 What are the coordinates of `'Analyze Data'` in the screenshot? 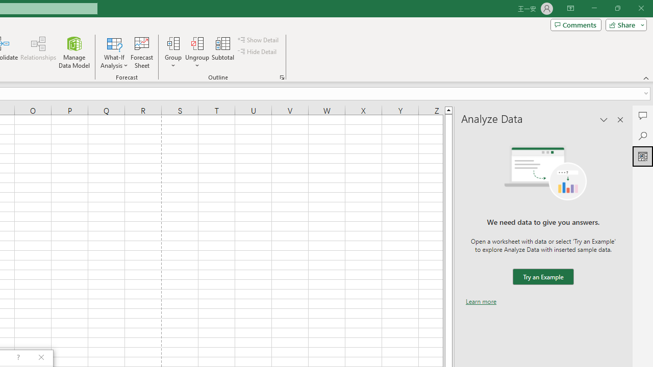 It's located at (642, 156).